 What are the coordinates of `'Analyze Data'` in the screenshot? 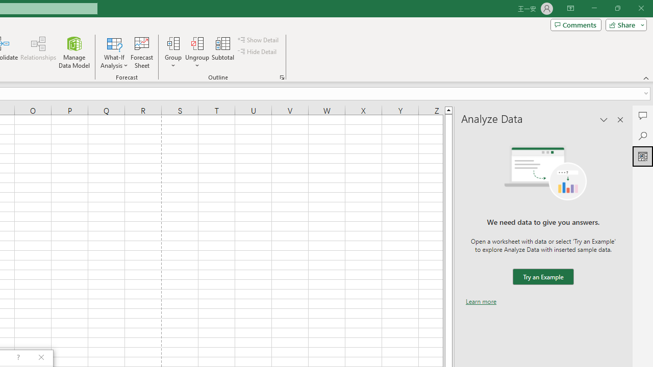 It's located at (642, 156).